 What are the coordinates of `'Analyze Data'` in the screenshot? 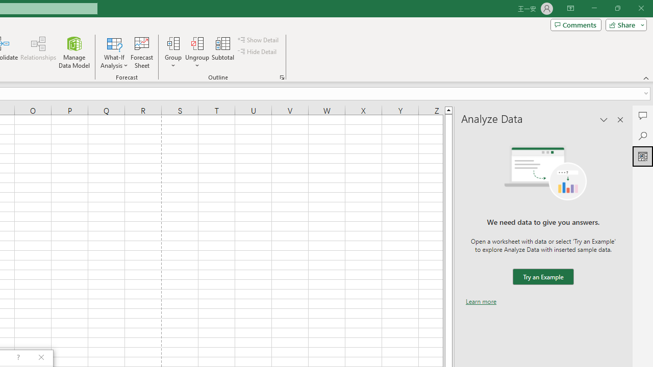 It's located at (642, 156).